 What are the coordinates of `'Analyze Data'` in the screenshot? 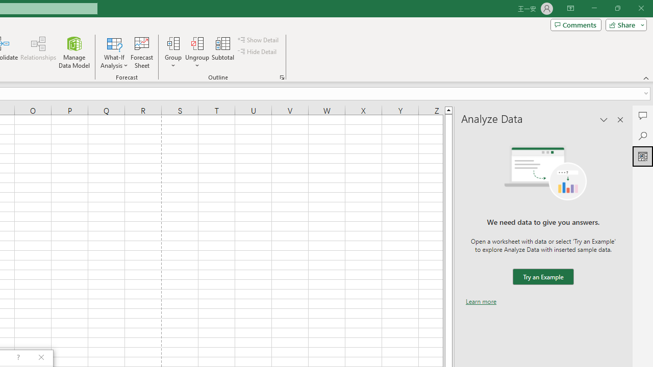 It's located at (642, 156).